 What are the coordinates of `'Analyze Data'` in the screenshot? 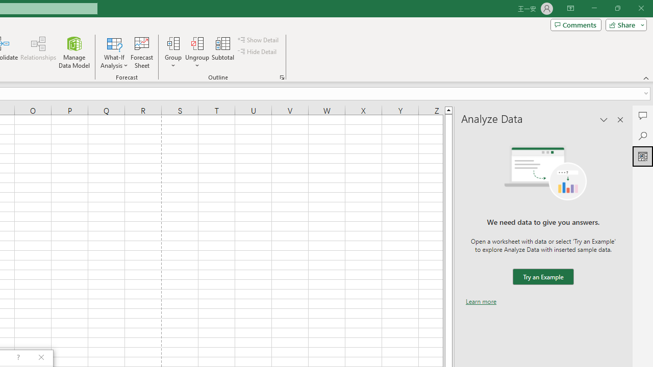 It's located at (642, 156).